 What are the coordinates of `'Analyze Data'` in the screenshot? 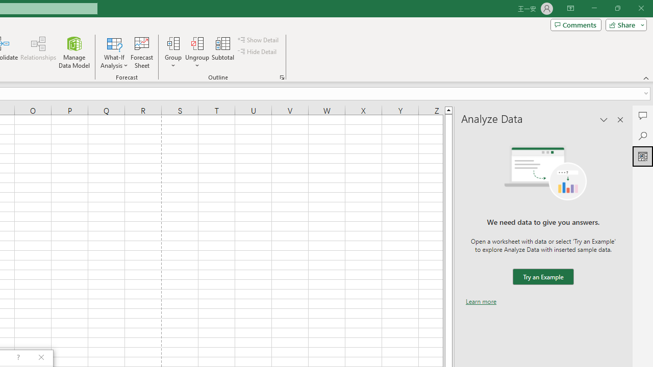 It's located at (642, 156).